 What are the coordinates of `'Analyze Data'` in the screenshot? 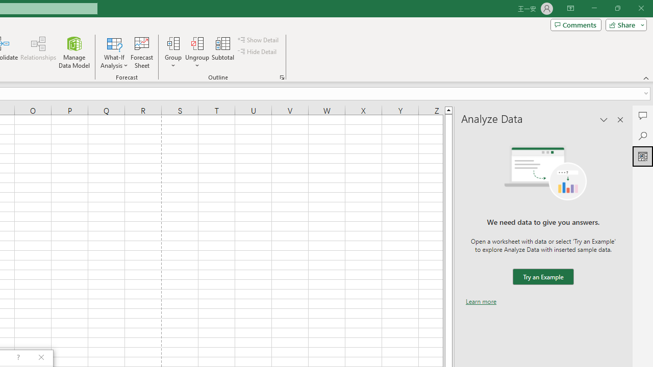 It's located at (642, 156).